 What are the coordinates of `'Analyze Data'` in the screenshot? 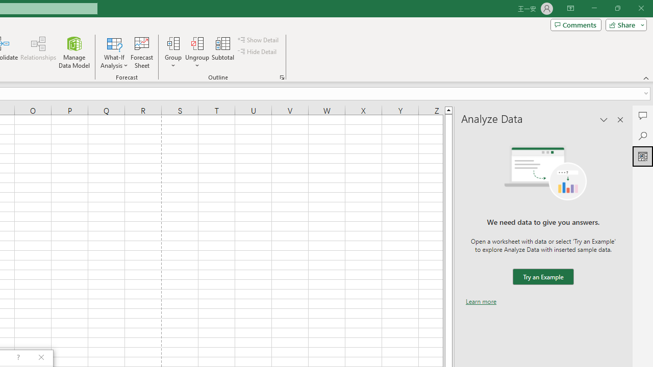 It's located at (642, 156).